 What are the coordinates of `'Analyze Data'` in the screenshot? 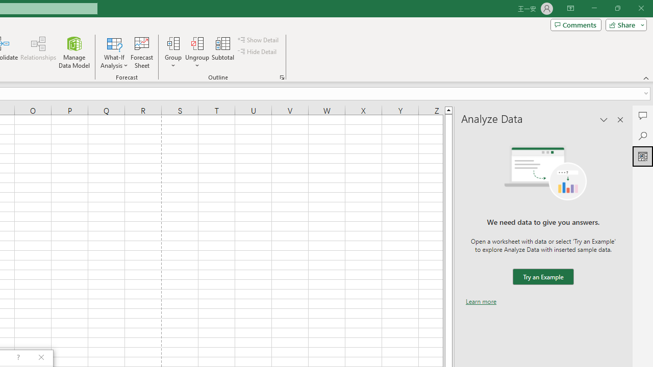 It's located at (642, 156).